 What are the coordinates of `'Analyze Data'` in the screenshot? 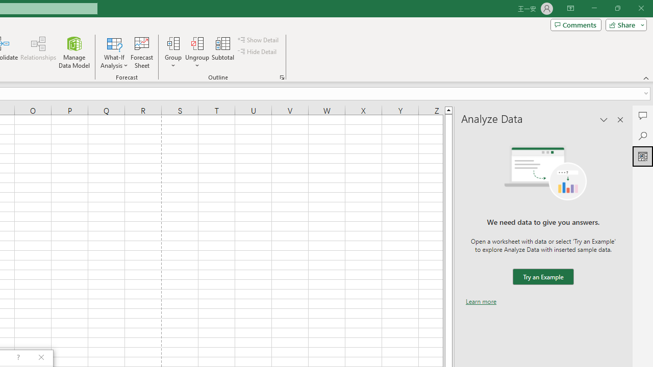 It's located at (642, 156).